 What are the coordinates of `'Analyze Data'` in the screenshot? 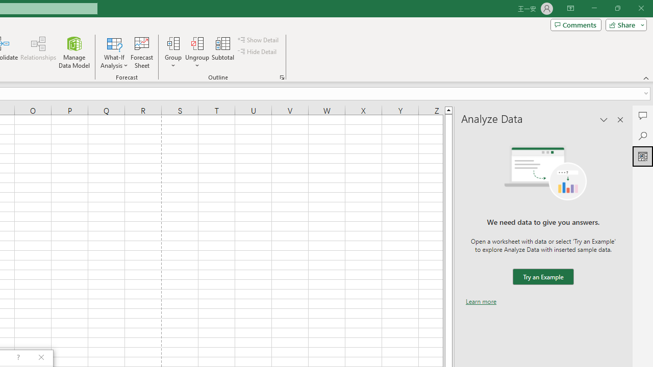 It's located at (642, 156).